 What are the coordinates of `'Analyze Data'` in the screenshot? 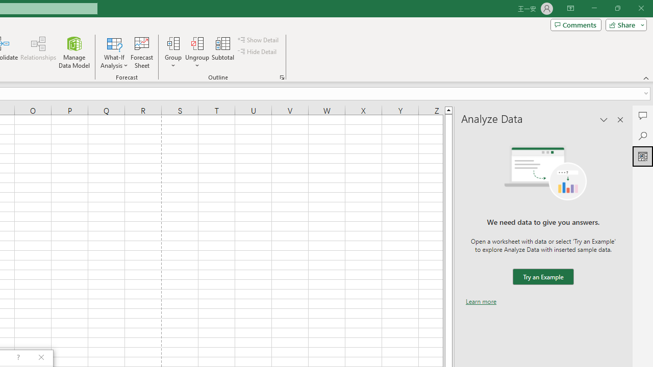 It's located at (642, 156).